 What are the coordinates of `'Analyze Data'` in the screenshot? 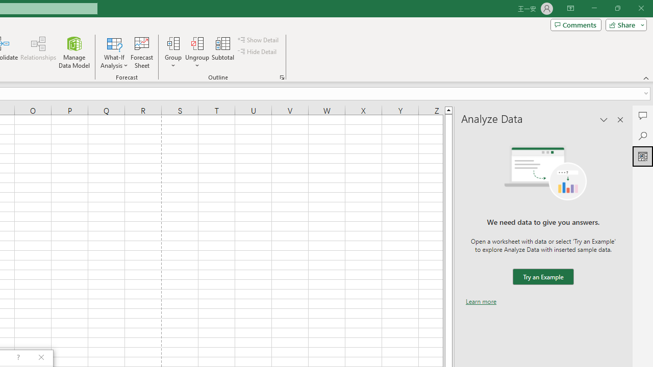 It's located at (642, 156).